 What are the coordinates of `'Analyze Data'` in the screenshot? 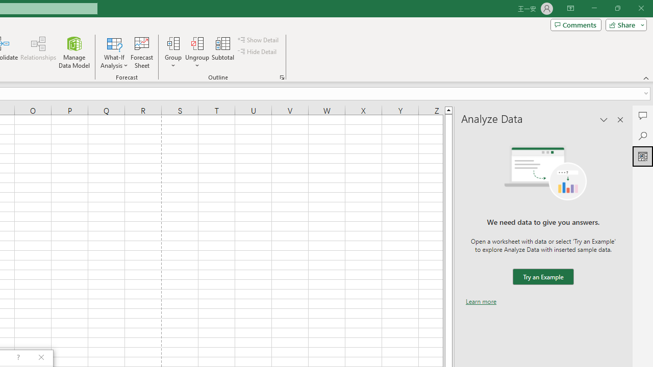 It's located at (642, 156).